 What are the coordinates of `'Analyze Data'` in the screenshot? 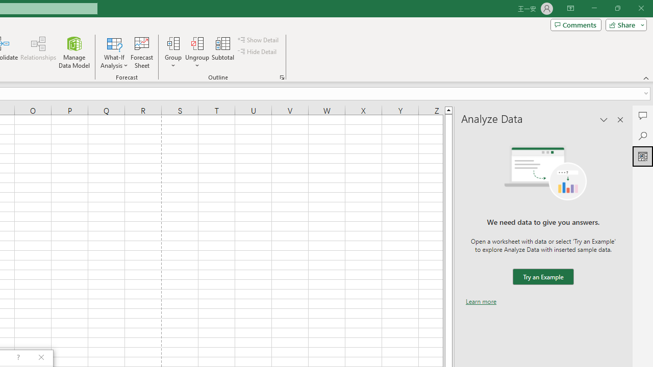 It's located at (642, 156).